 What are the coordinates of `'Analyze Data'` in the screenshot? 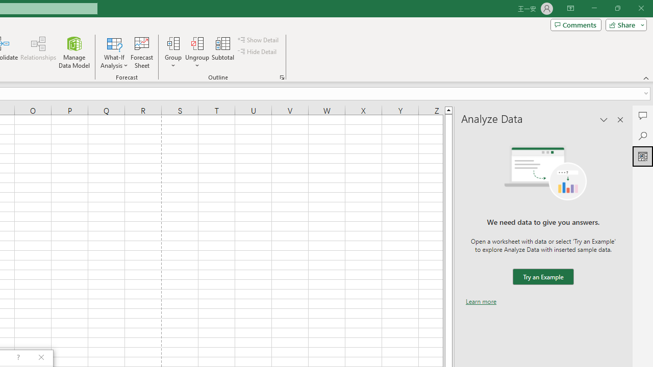 It's located at (642, 156).